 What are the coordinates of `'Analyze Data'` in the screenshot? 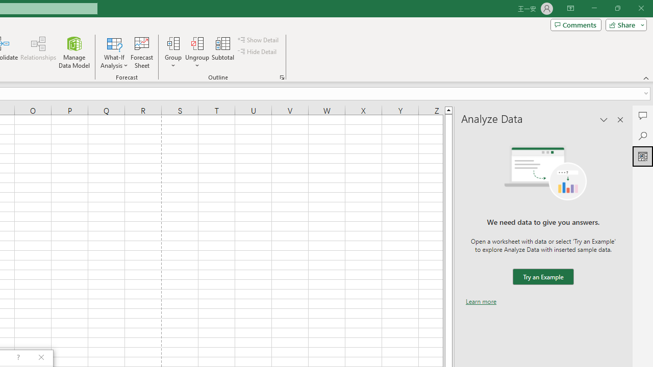 It's located at (642, 156).